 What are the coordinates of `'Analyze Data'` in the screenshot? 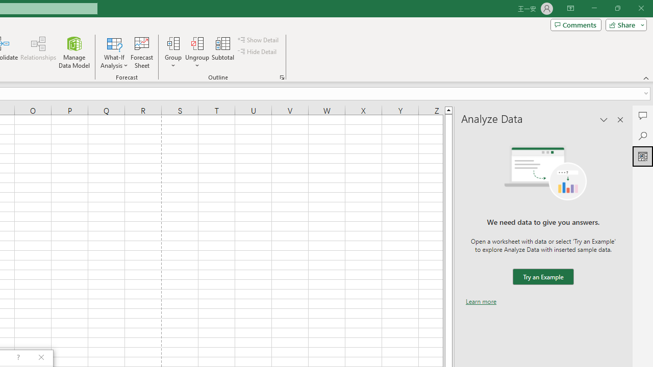 It's located at (642, 156).